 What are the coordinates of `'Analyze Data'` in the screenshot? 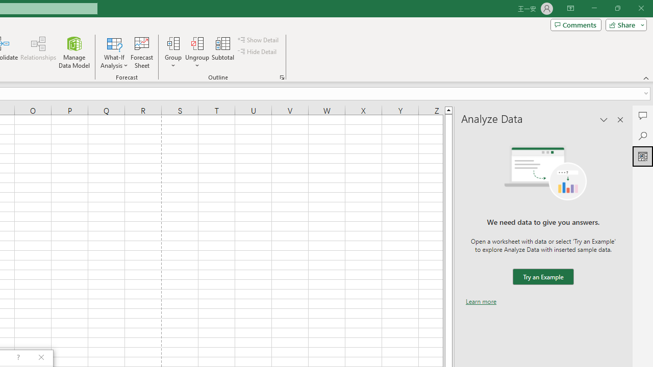 It's located at (642, 156).